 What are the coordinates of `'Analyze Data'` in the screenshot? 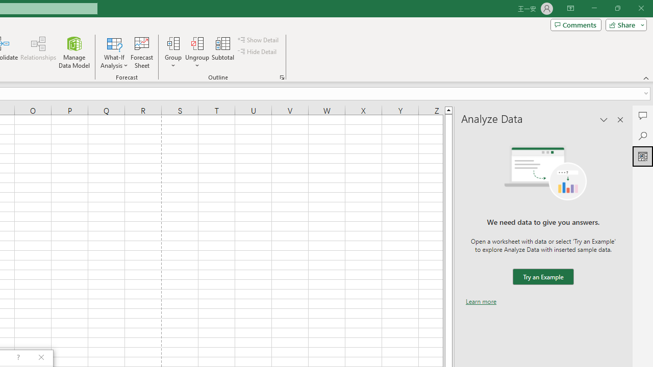 It's located at (642, 156).